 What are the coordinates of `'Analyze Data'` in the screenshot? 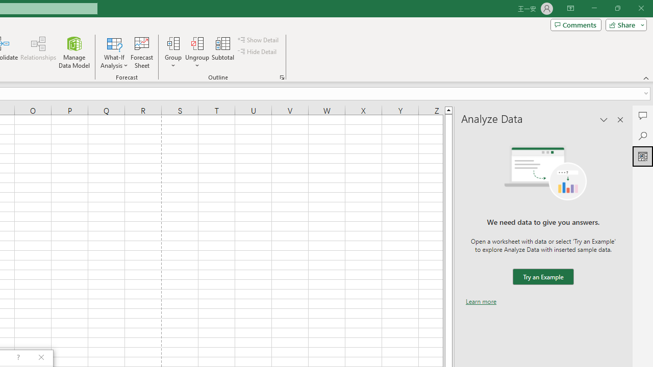 It's located at (642, 156).